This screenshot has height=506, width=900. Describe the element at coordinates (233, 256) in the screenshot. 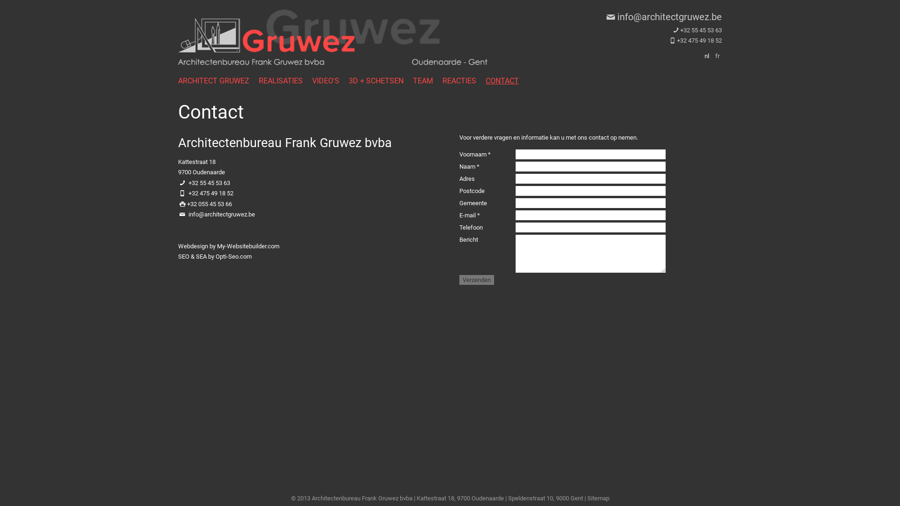

I see `'Opti-Seo.com'` at that location.